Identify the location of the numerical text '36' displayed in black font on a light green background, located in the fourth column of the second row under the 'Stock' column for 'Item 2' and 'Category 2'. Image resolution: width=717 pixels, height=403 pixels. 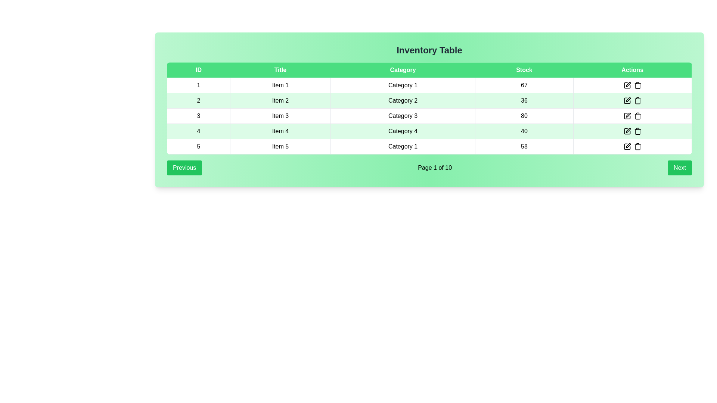
(524, 101).